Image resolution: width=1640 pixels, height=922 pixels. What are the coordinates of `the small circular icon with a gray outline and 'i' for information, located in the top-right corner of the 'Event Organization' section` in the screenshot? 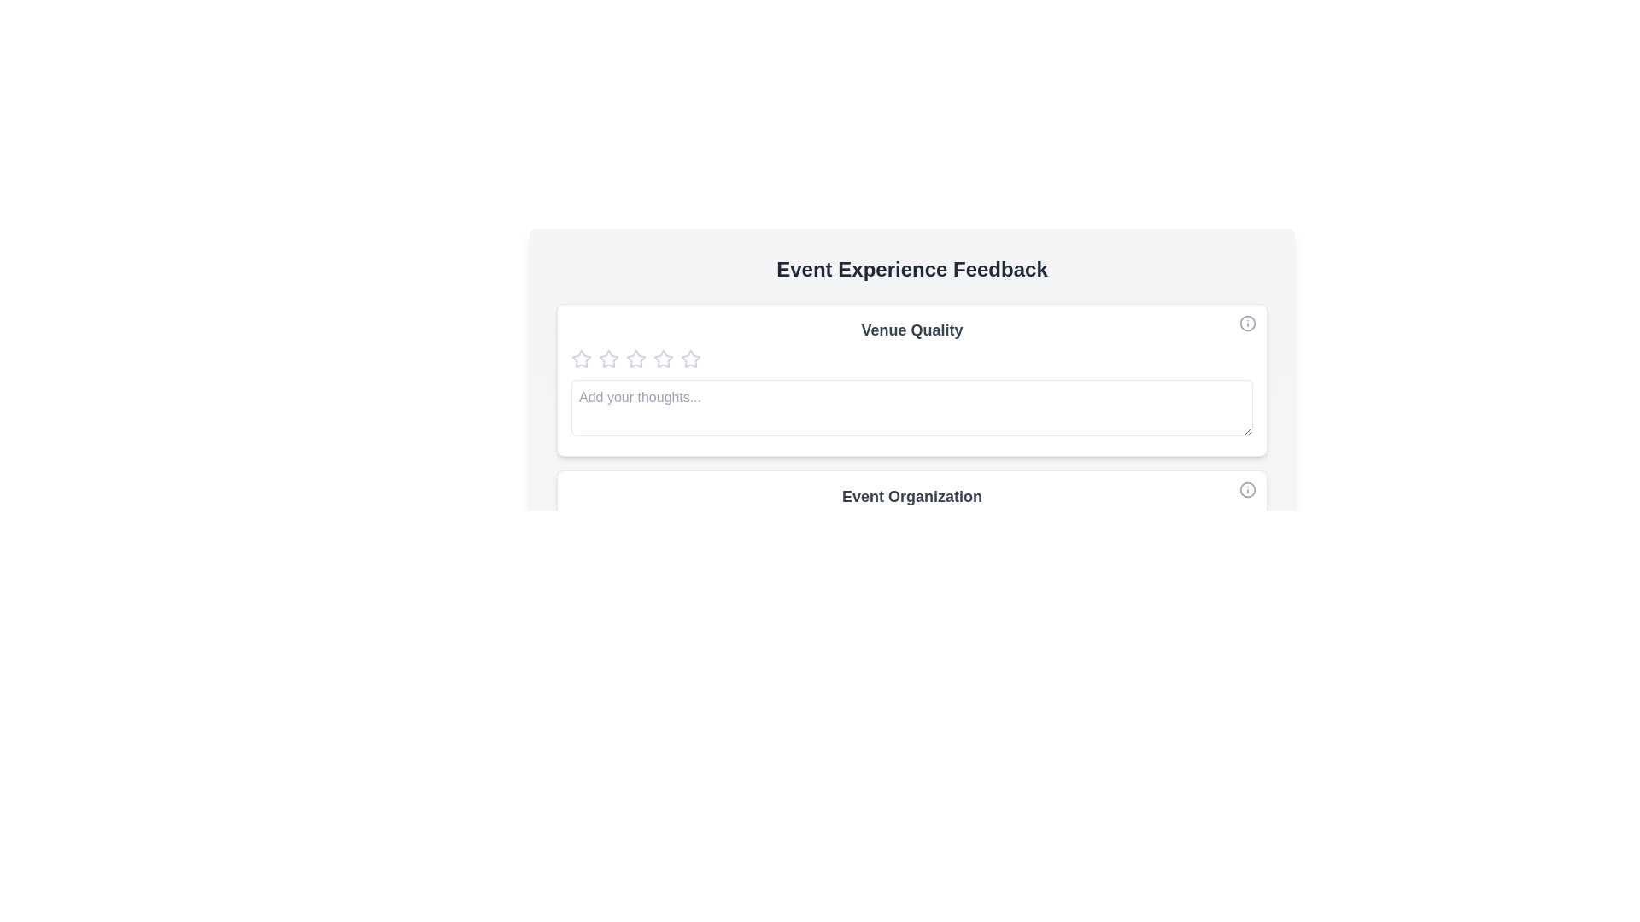 It's located at (1247, 490).